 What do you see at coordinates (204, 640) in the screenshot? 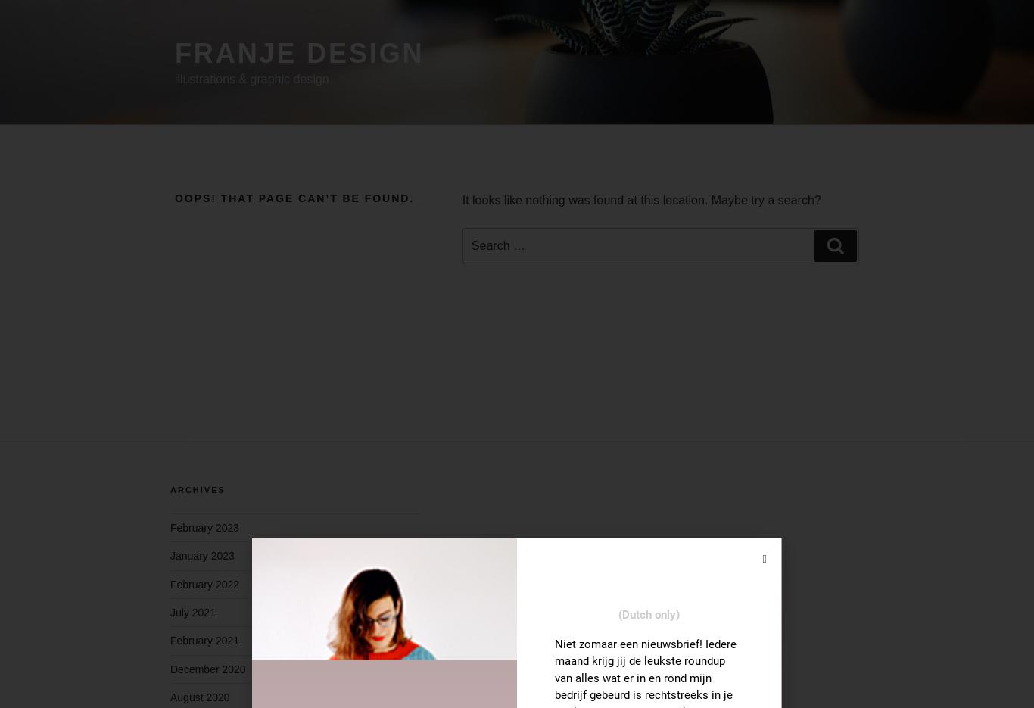
I see `'February 2021'` at bounding box center [204, 640].